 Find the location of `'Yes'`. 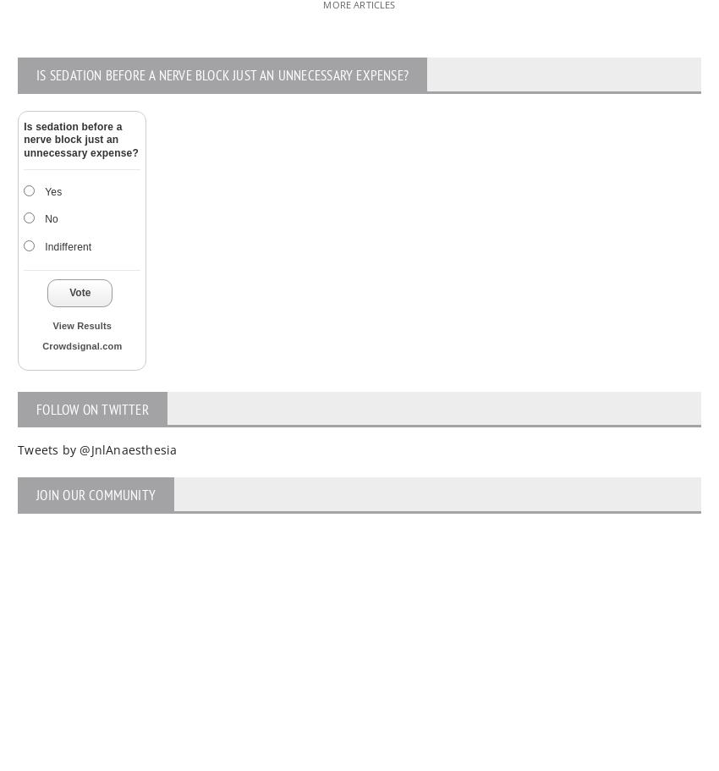

'Yes' is located at coordinates (52, 191).